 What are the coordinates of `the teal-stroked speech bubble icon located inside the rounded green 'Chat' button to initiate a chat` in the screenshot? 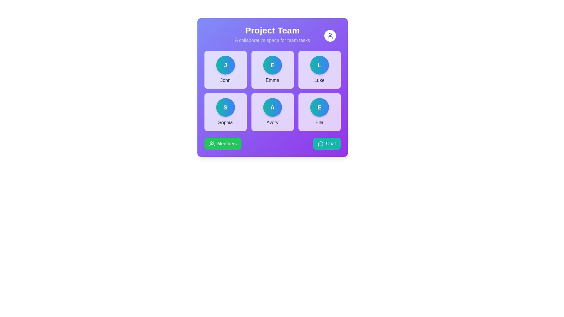 It's located at (320, 144).